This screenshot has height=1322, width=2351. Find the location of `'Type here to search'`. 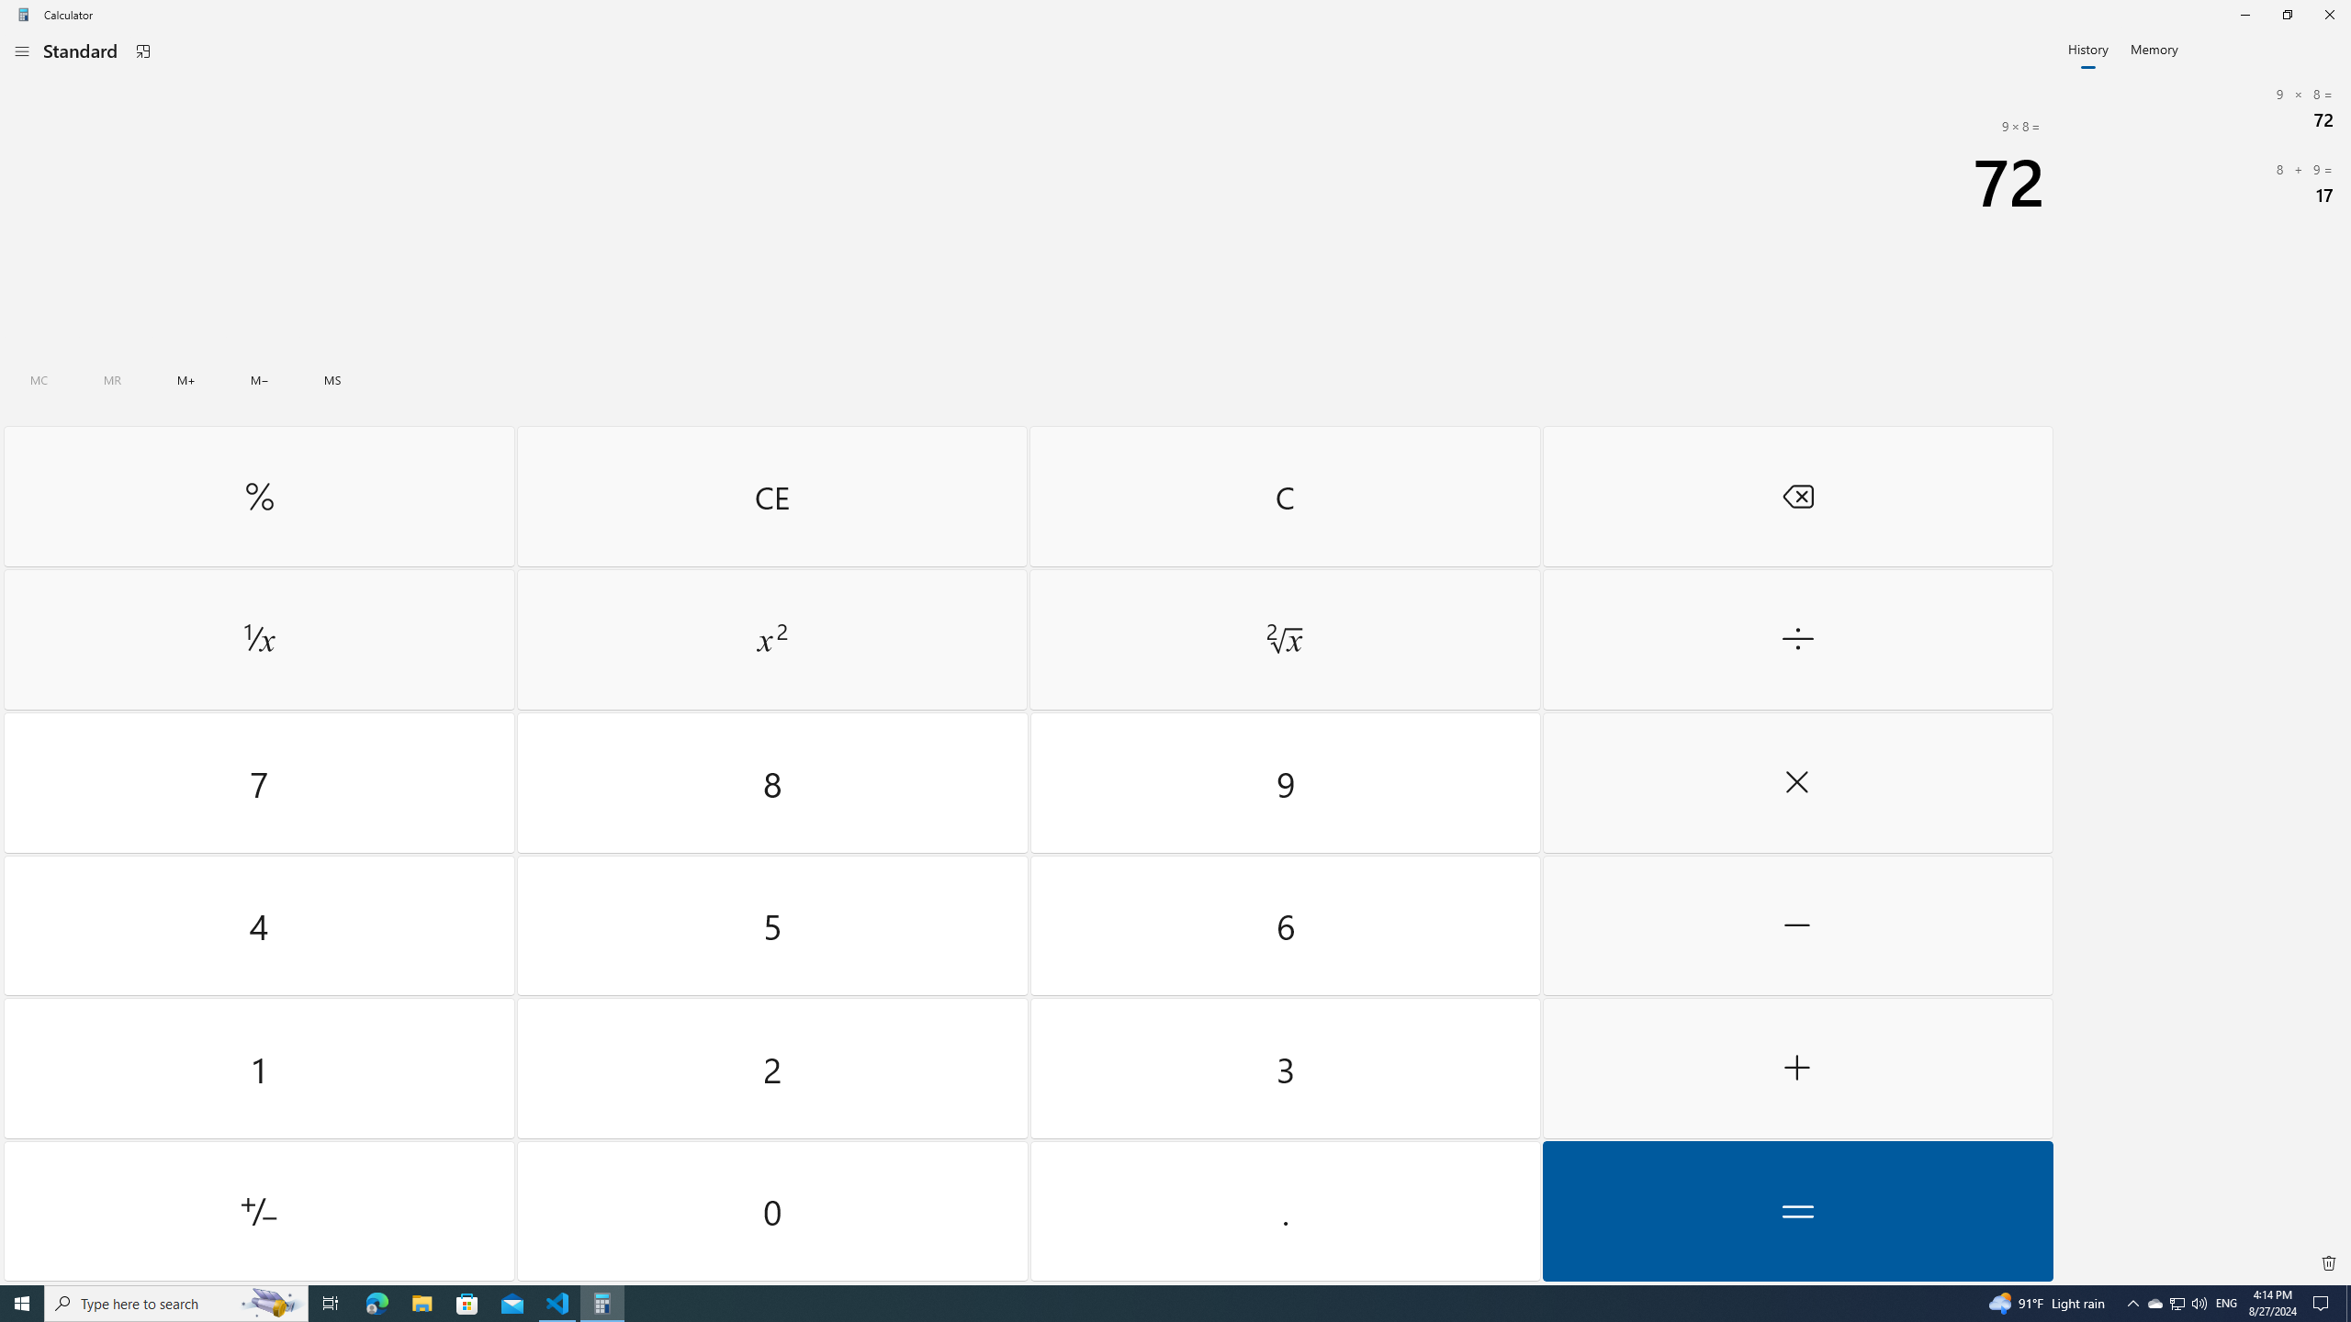

'Type here to search' is located at coordinates (175, 1302).